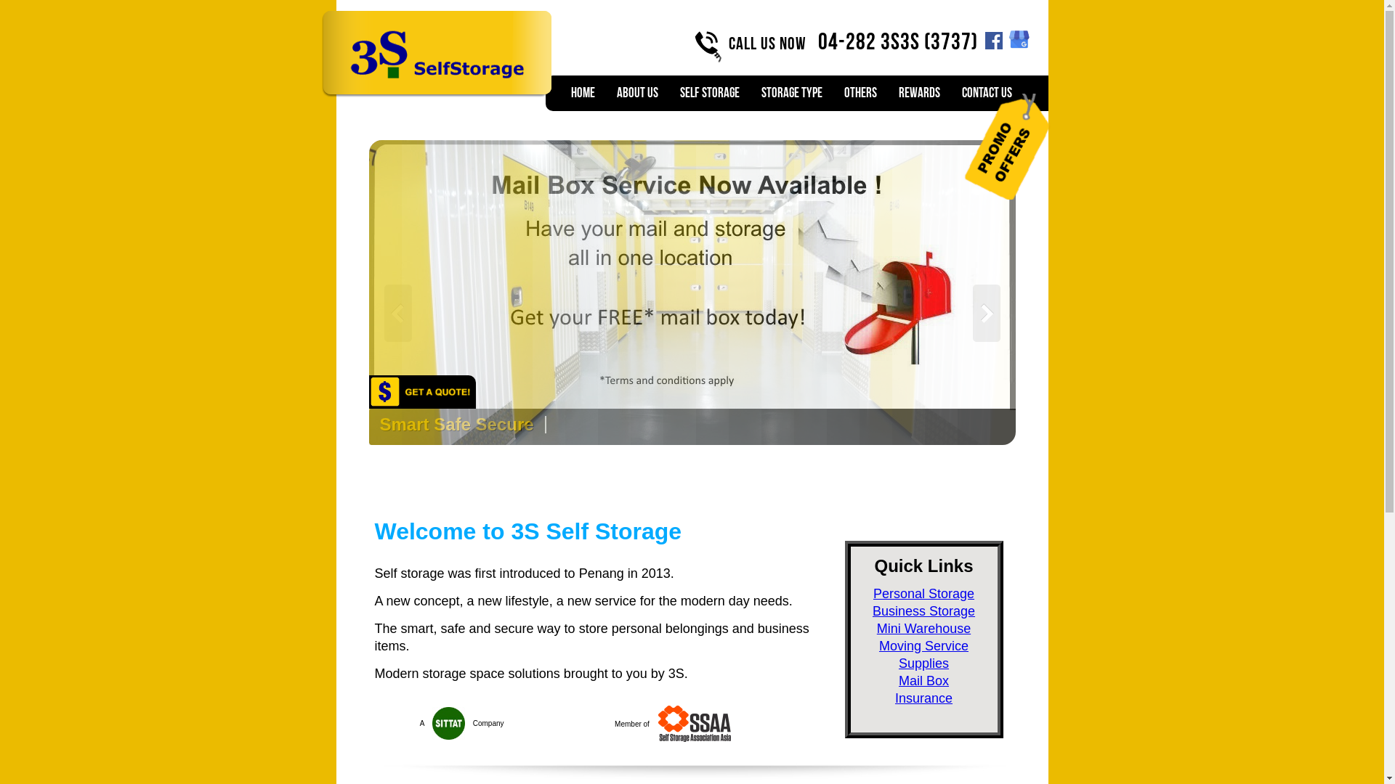  What do you see at coordinates (923, 680) in the screenshot?
I see `'Mail Box'` at bounding box center [923, 680].